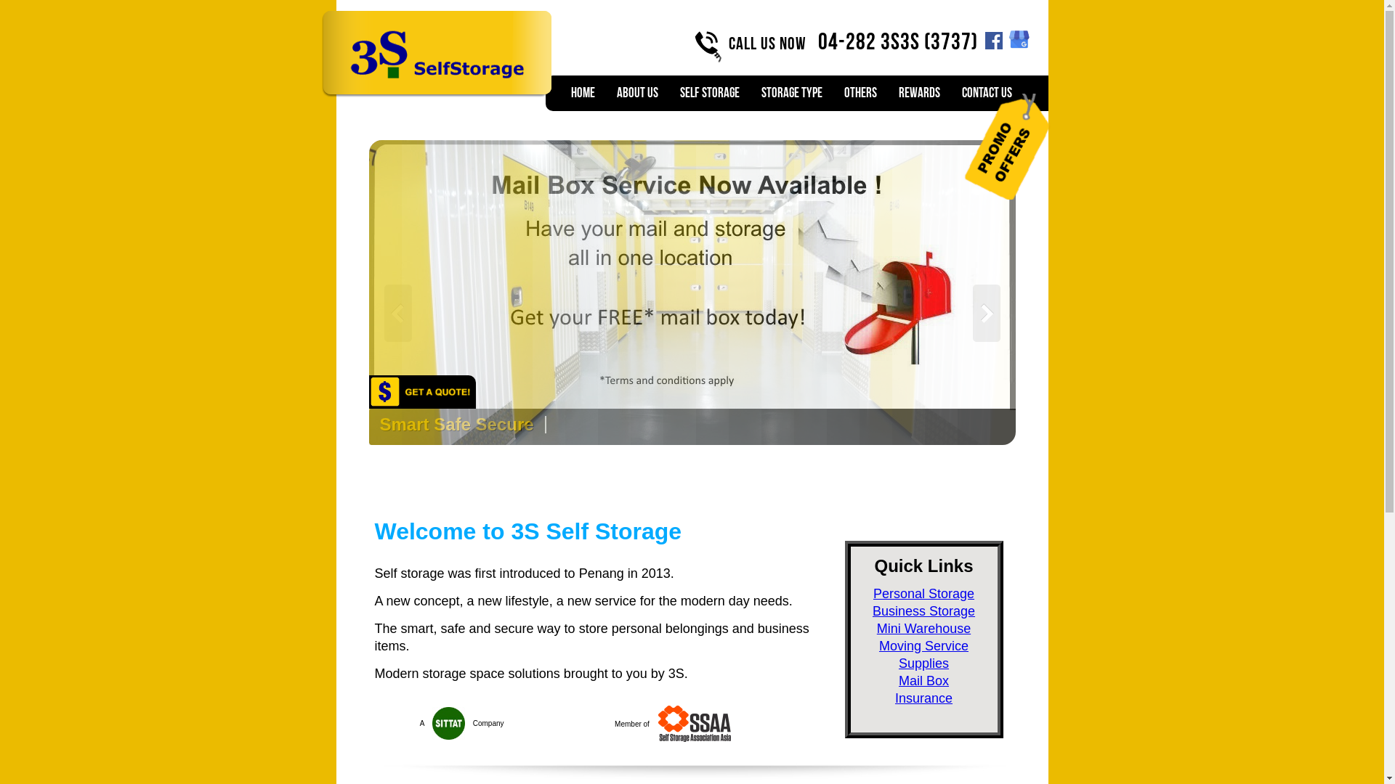  What do you see at coordinates (923, 680) in the screenshot?
I see `'Mail Box'` at bounding box center [923, 680].